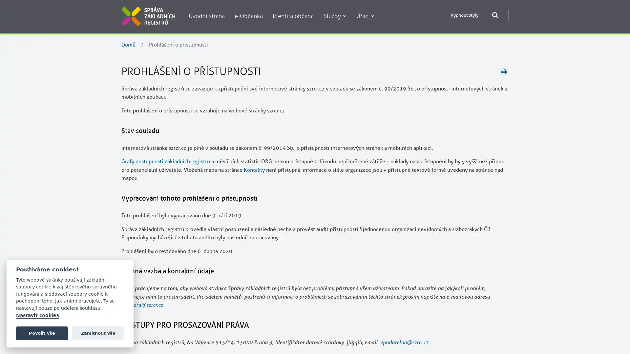  I want to click on Povolit vse, so click(41, 333).